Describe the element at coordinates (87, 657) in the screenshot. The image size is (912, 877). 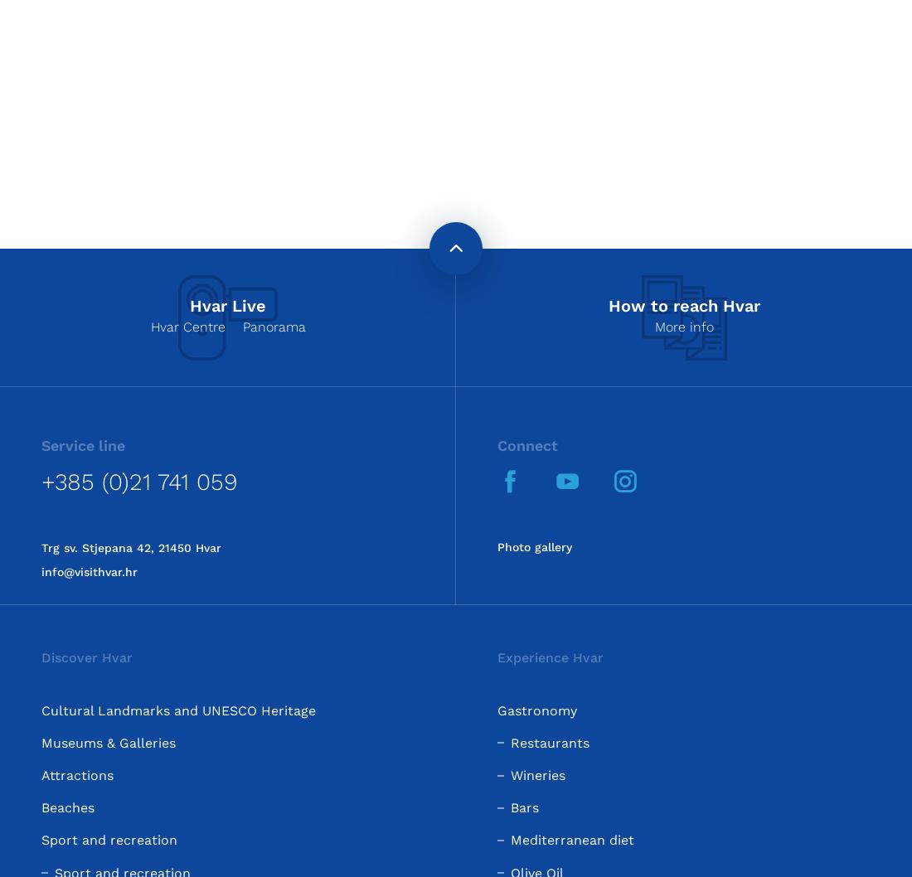
I see `'Discover Hvar'` at that location.